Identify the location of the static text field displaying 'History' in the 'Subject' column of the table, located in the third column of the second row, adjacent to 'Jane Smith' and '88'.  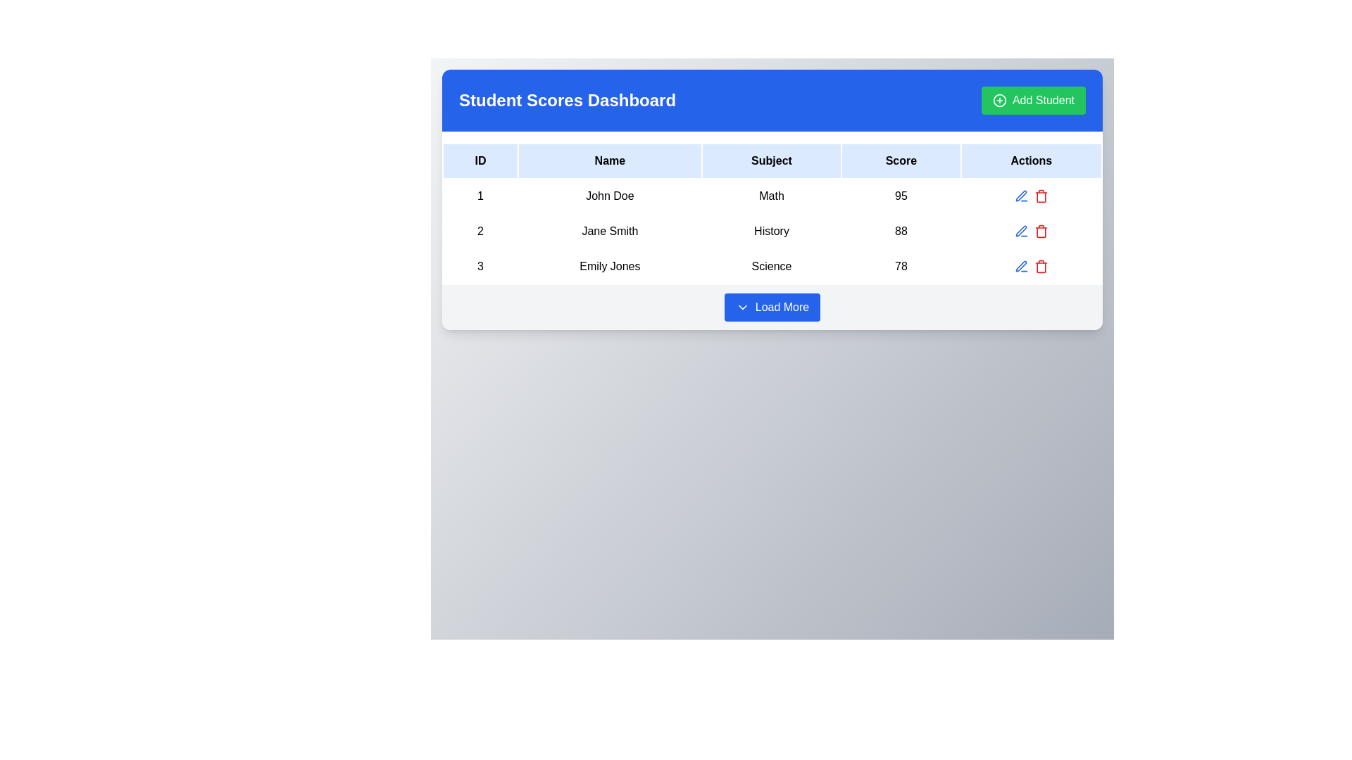
(770, 230).